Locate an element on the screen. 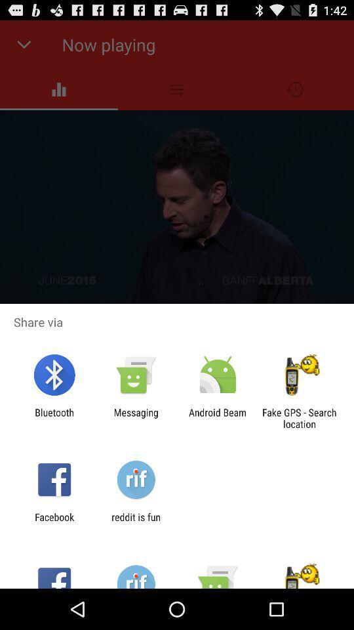 Image resolution: width=354 pixels, height=630 pixels. the android beam item is located at coordinates (218, 417).